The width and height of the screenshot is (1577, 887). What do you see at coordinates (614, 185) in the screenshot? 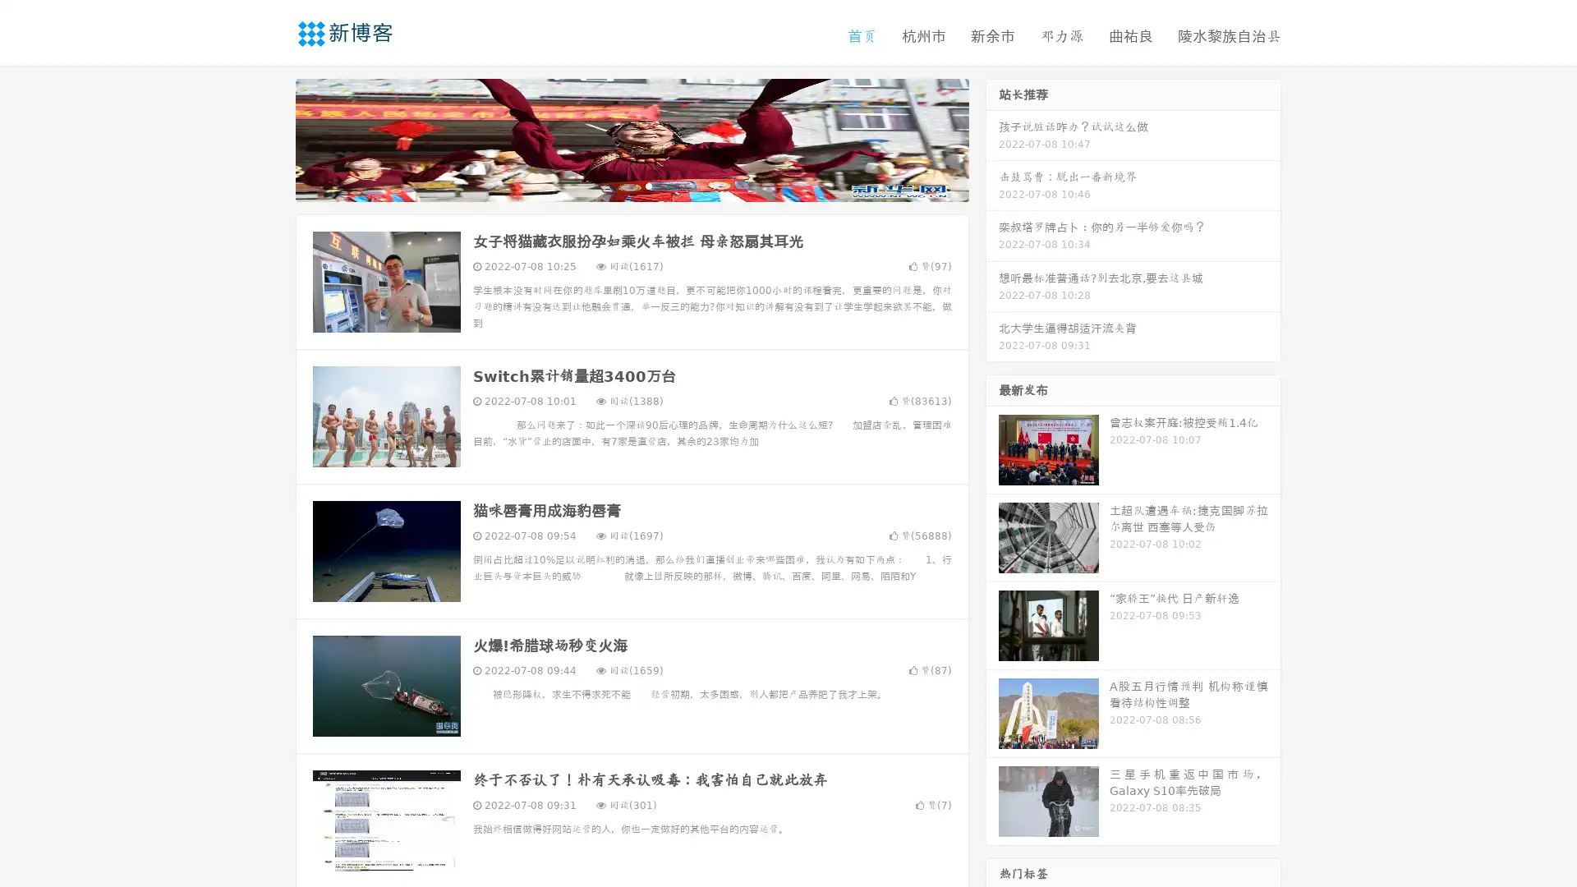
I see `Go to slide 1` at bounding box center [614, 185].